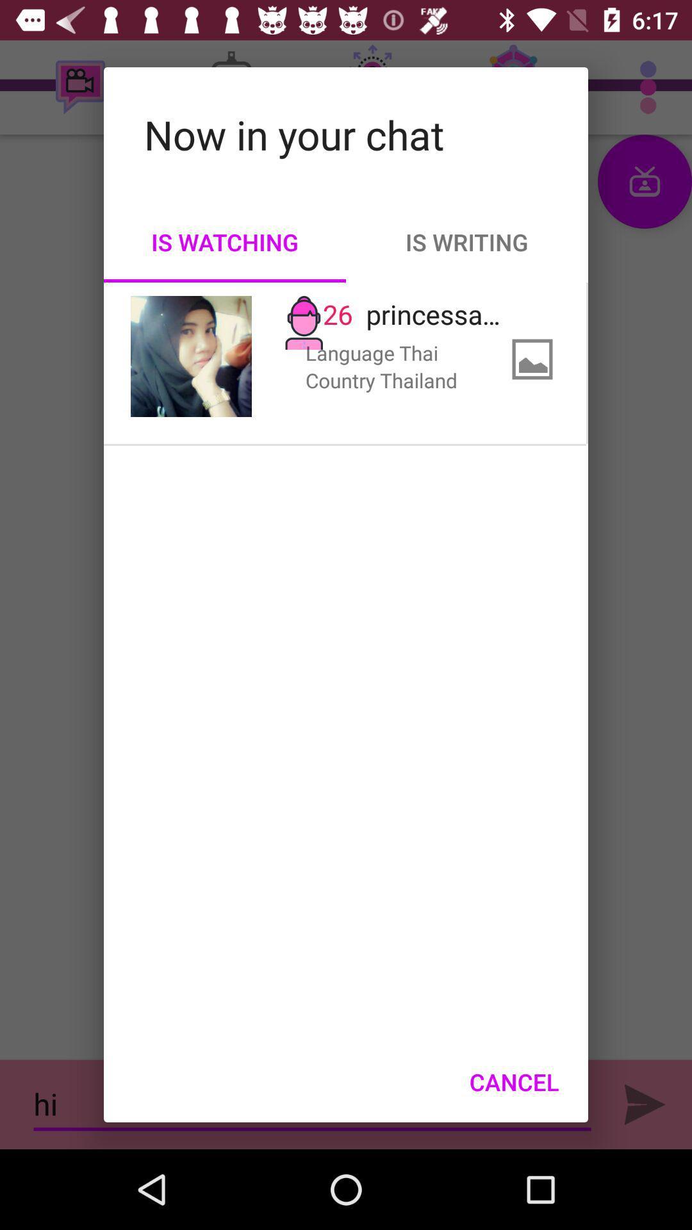 The height and width of the screenshot is (1230, 692). Describe the element at coordinates (191, 356) in the screenshot. I see `icon next to 26` at that location.